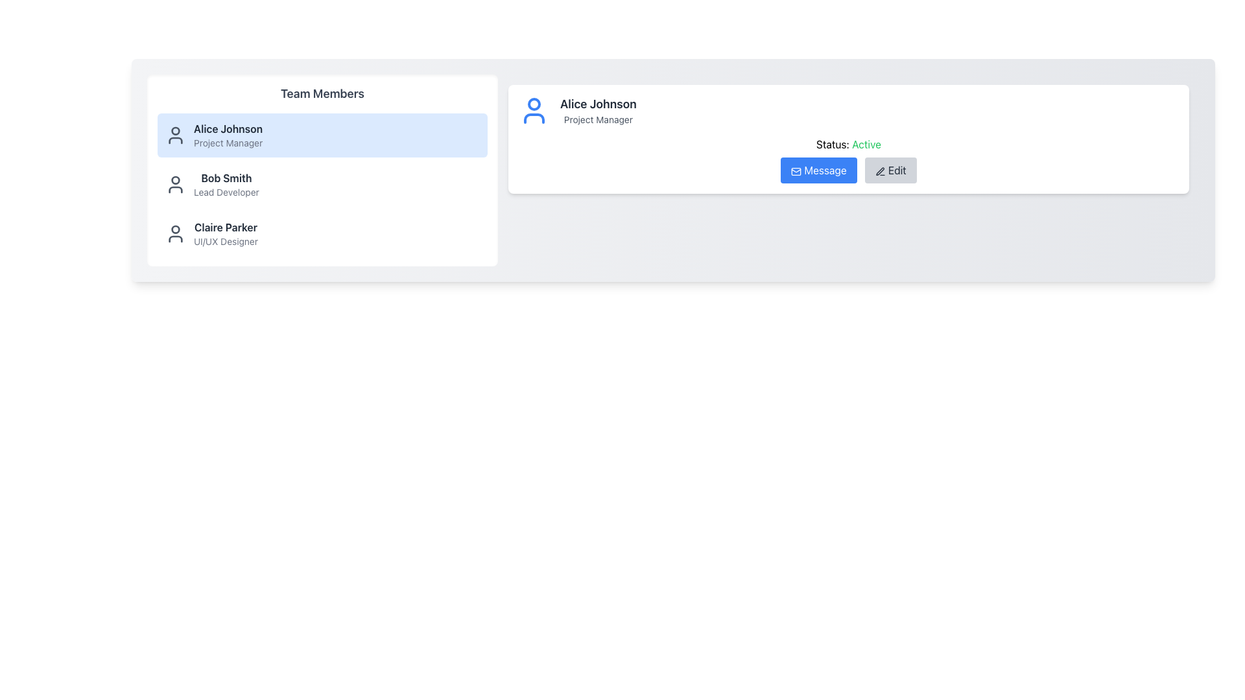 The width and height of the screenshot is (1245, 700). What do you see at coordinates (226, 234) in the screenshot?
I see `contents of the Text Display representing a team member's name and role, located as the third item under the 'Team Members' section in the left pane` at bounding box center [226, 234].